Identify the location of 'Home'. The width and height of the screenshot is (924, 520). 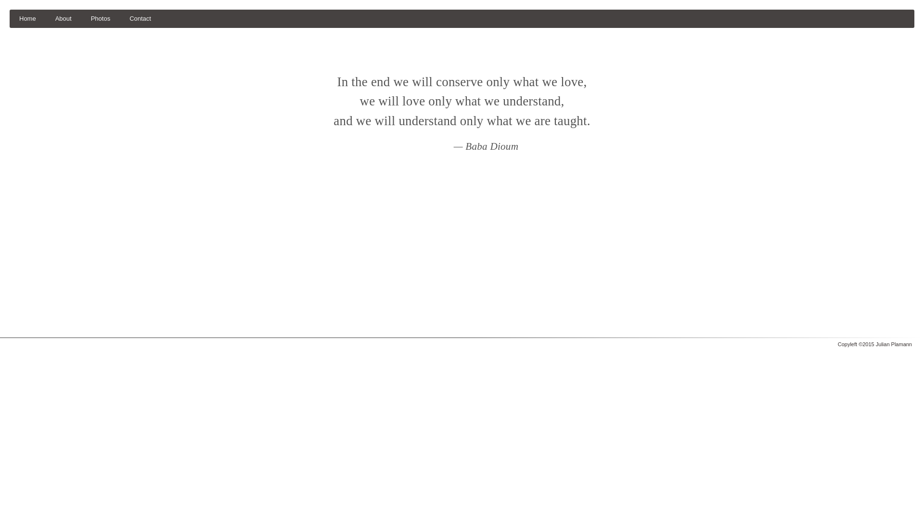
(27, 18).